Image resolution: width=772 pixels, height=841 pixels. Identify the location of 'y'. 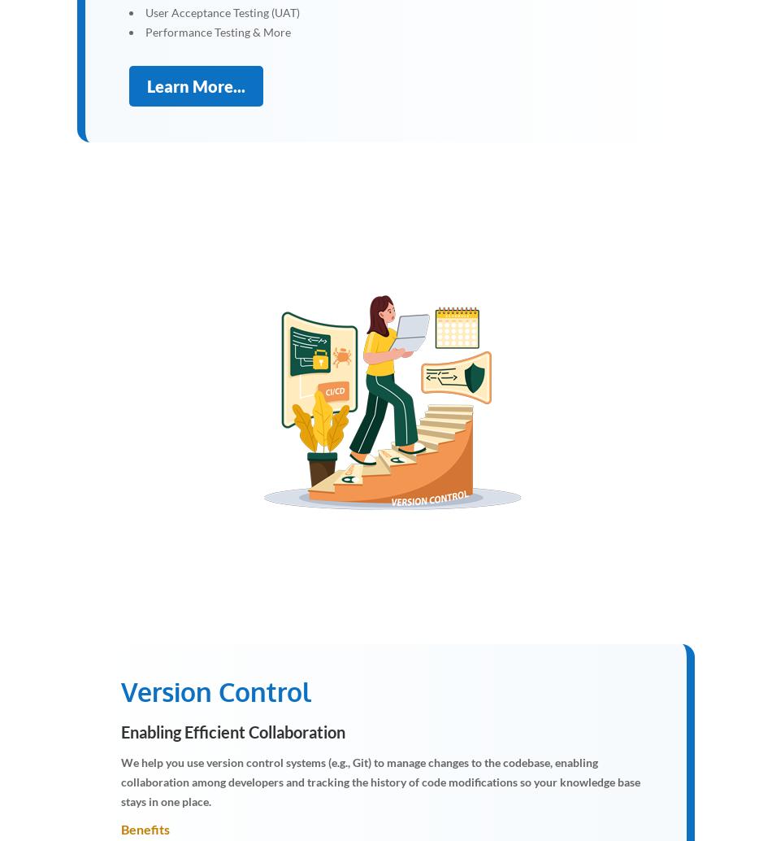
(427, 398).